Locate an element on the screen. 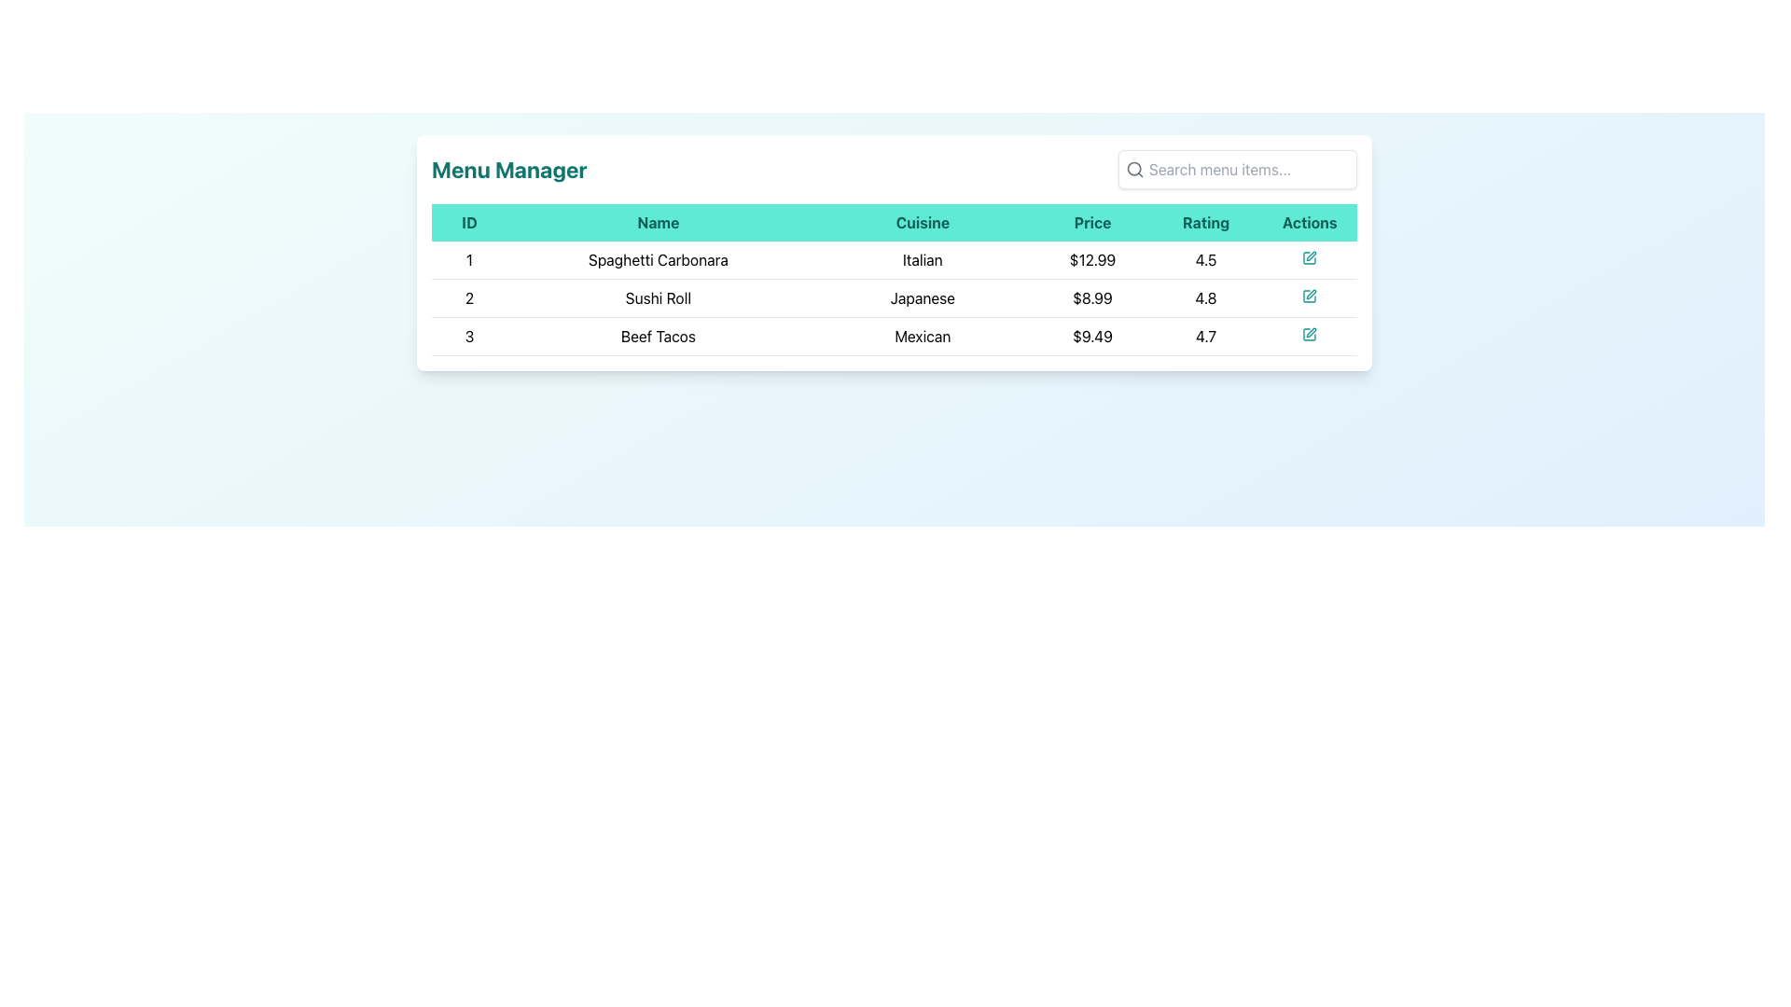 This screenshot has width=1791, height=1007. the static text label displaying the monetary value '$12.99', which is located in the fourth column of the first row of the table, adjacent to 'Italian' on the left and '4.5' on the right is located at coordinates (1092, 260).